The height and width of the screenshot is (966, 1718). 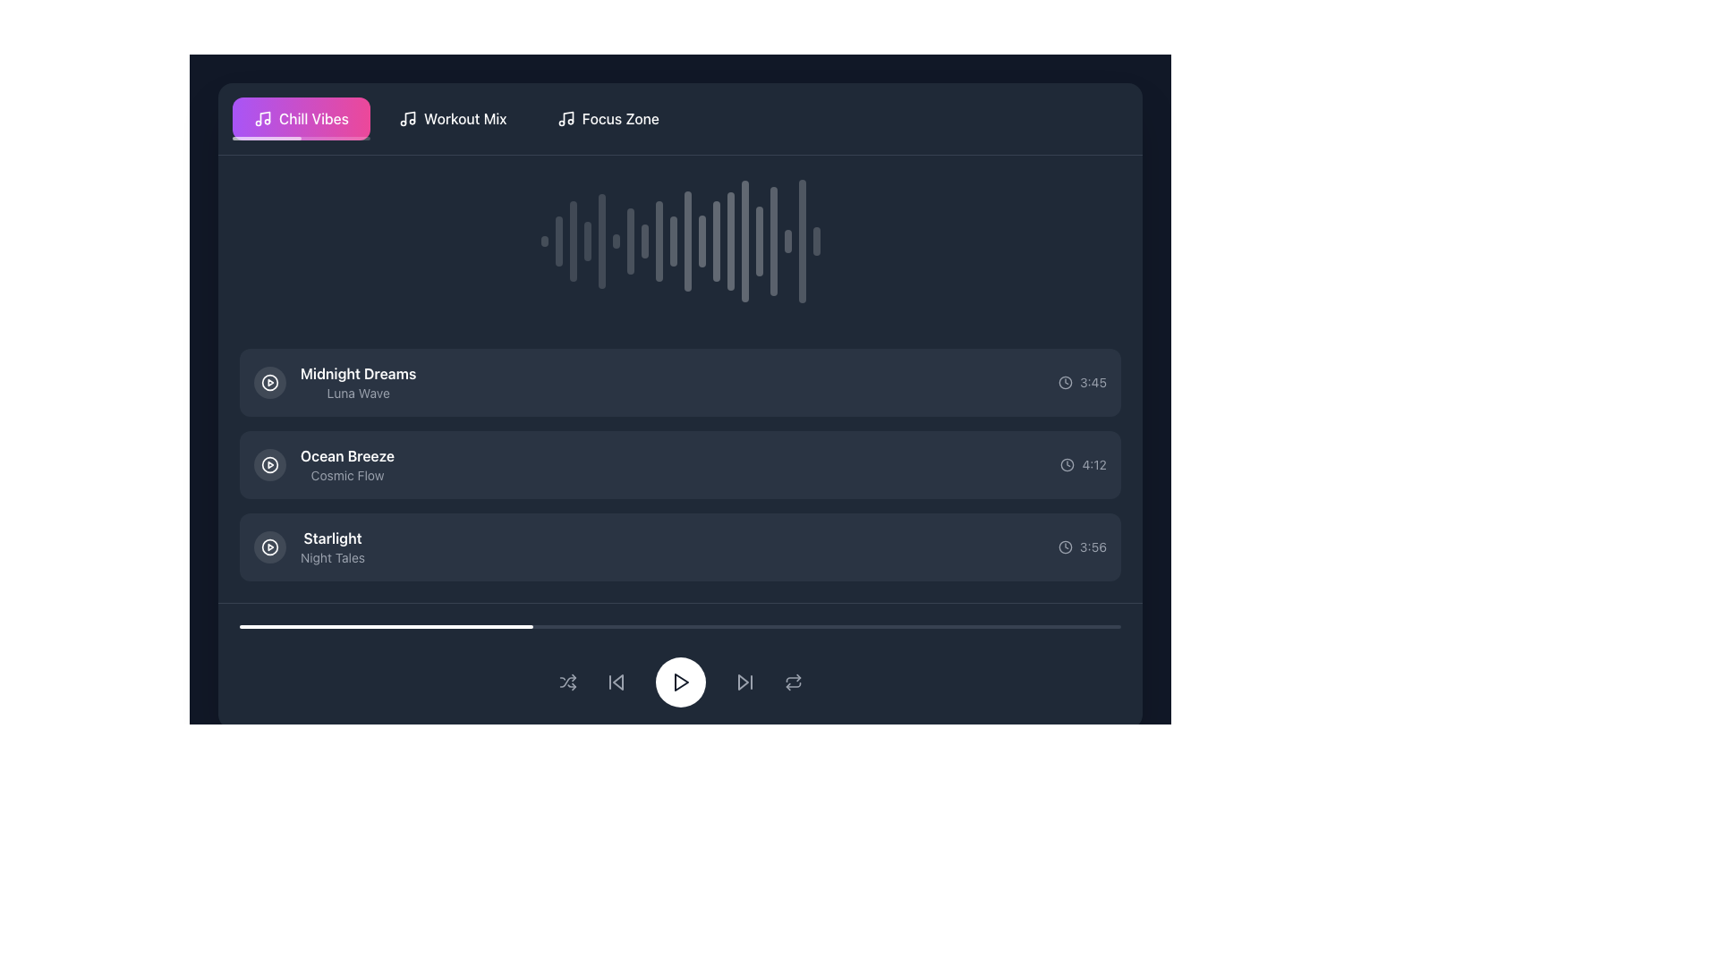 I want to click on the music note icon located in the 'Workout Mix' section at the top bar of the interface, so click(x=407, y=118).